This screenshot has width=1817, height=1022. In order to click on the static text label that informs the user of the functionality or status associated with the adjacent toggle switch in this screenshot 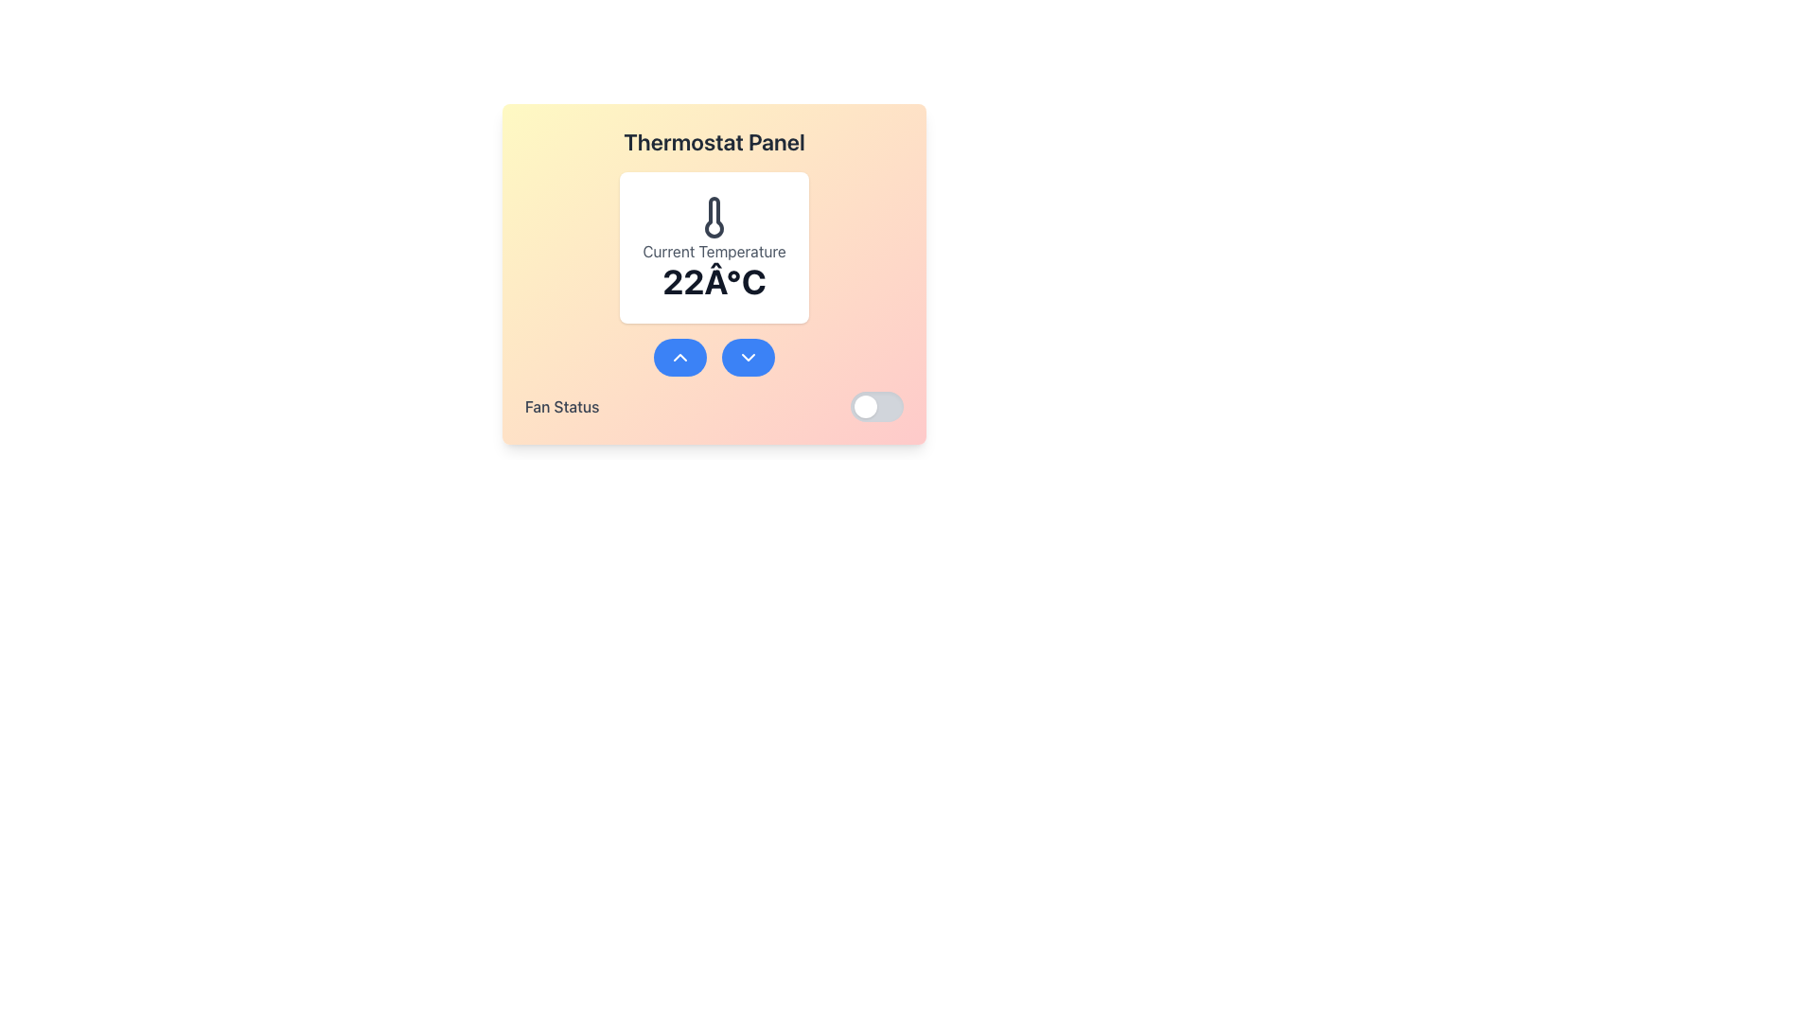, I will do `click(561, 405)`.